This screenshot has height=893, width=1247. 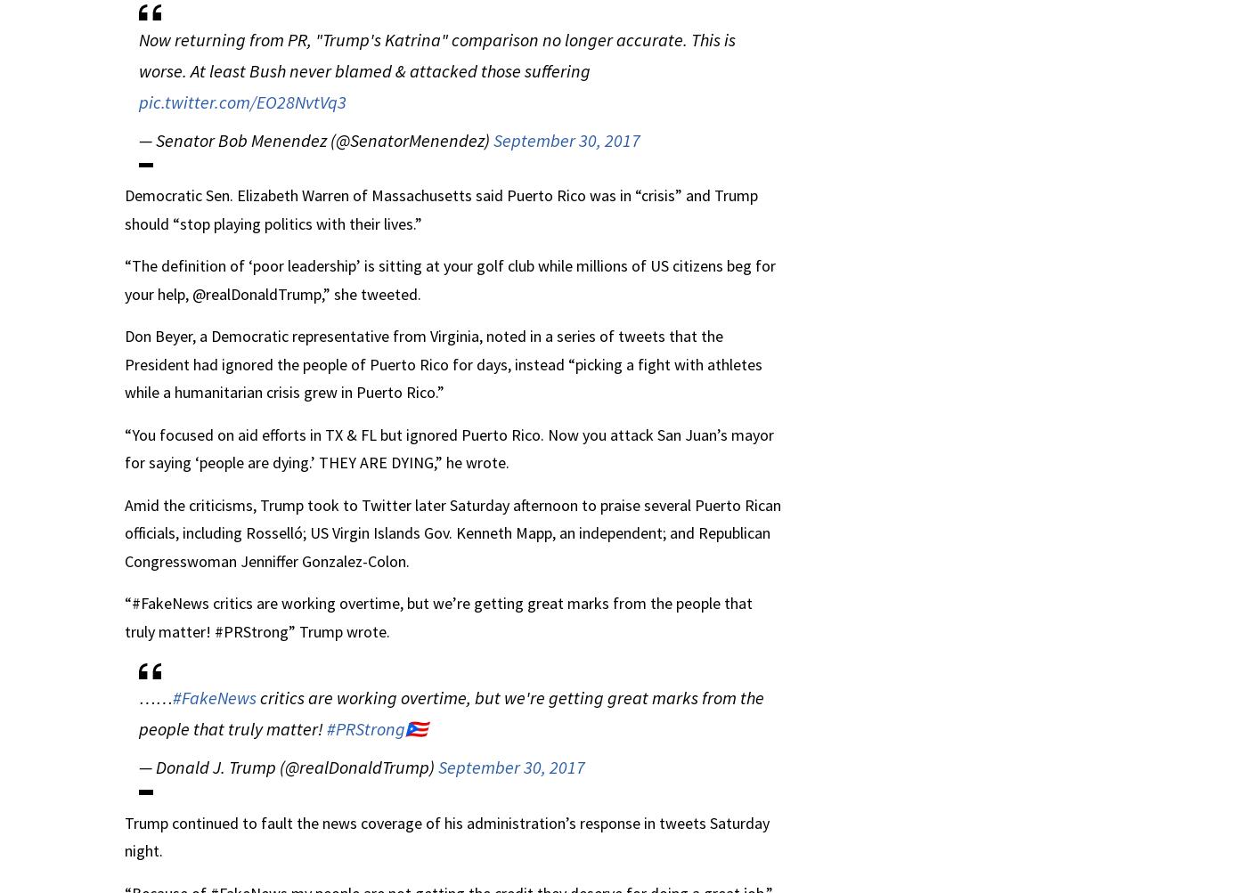 I want to click on 'Don Beyer, a Democratic representative from Virginia, noted in a series of tweets that the President had ignored the people of Puerto Rico for days, instead “picking a fight with athletes while a humanitarian crisis grew in Puerto Rico.”', so click(x=443, y=364).